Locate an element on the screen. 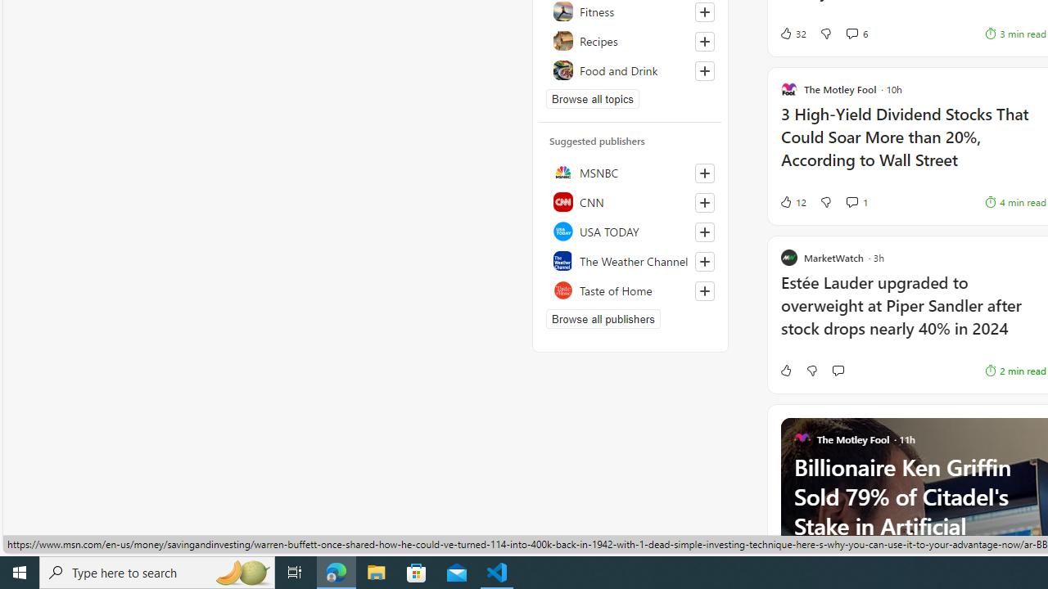  'Like' is located at coordinates (784, 370).